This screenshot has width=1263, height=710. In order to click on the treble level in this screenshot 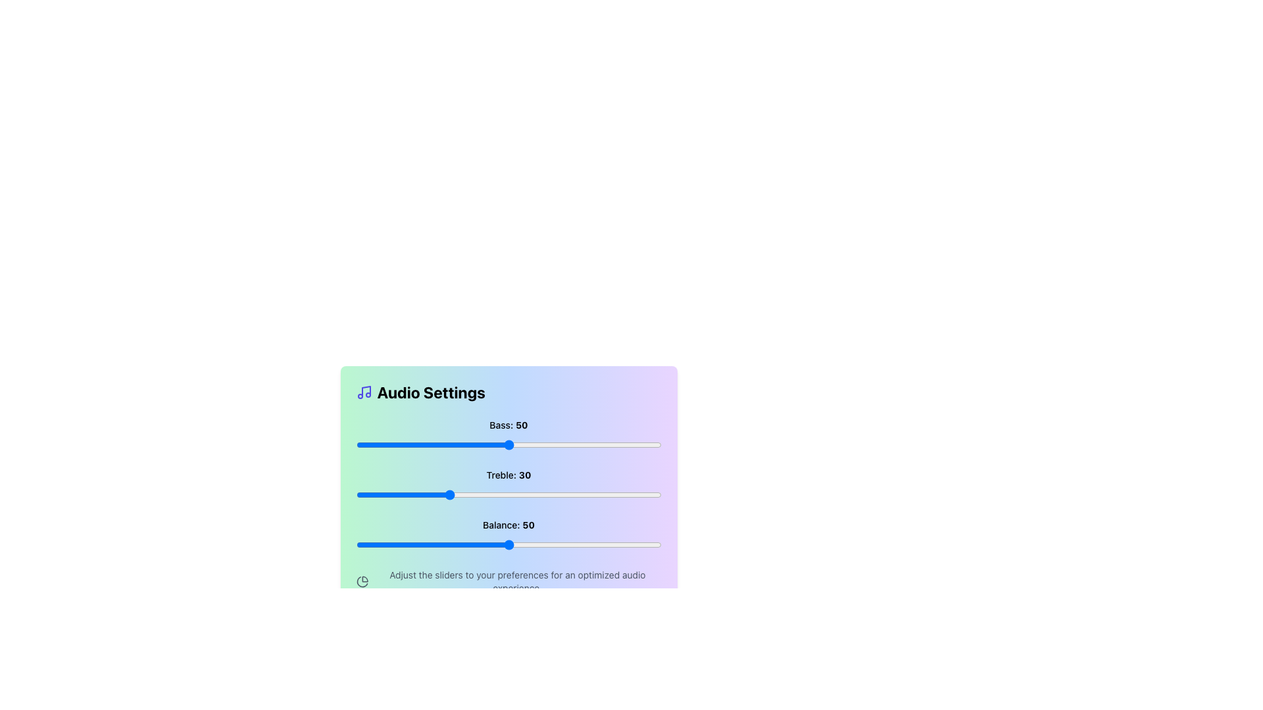, I will do `click(486, 494)`.